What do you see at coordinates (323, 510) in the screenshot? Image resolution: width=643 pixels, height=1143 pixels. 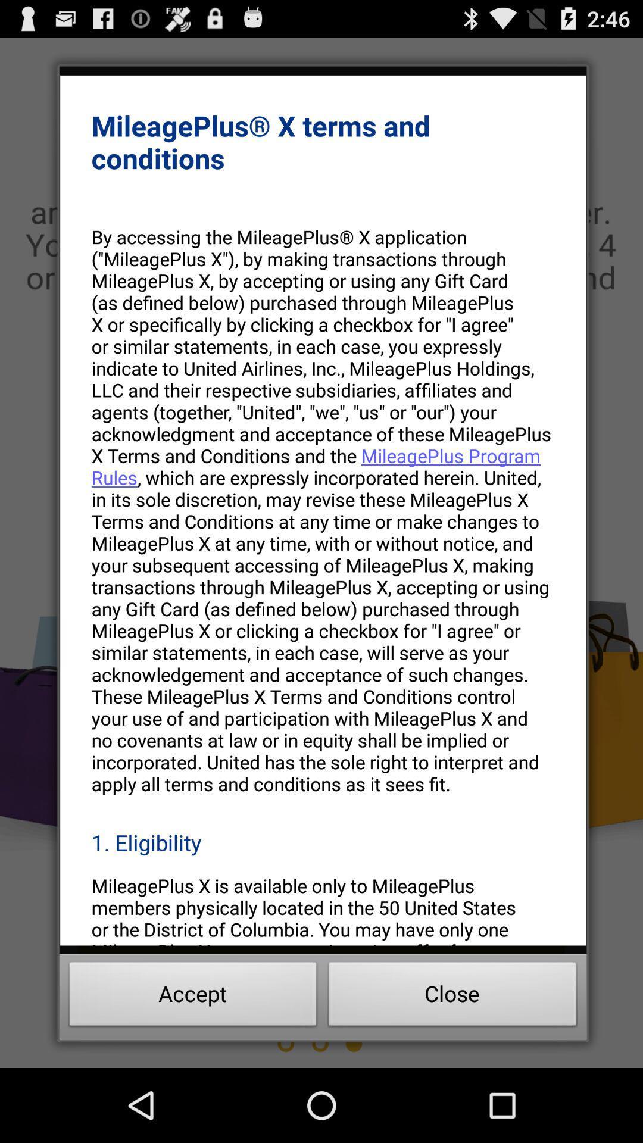 I see `the item above the 1. eligibility app` at bounding box center [323, 510].